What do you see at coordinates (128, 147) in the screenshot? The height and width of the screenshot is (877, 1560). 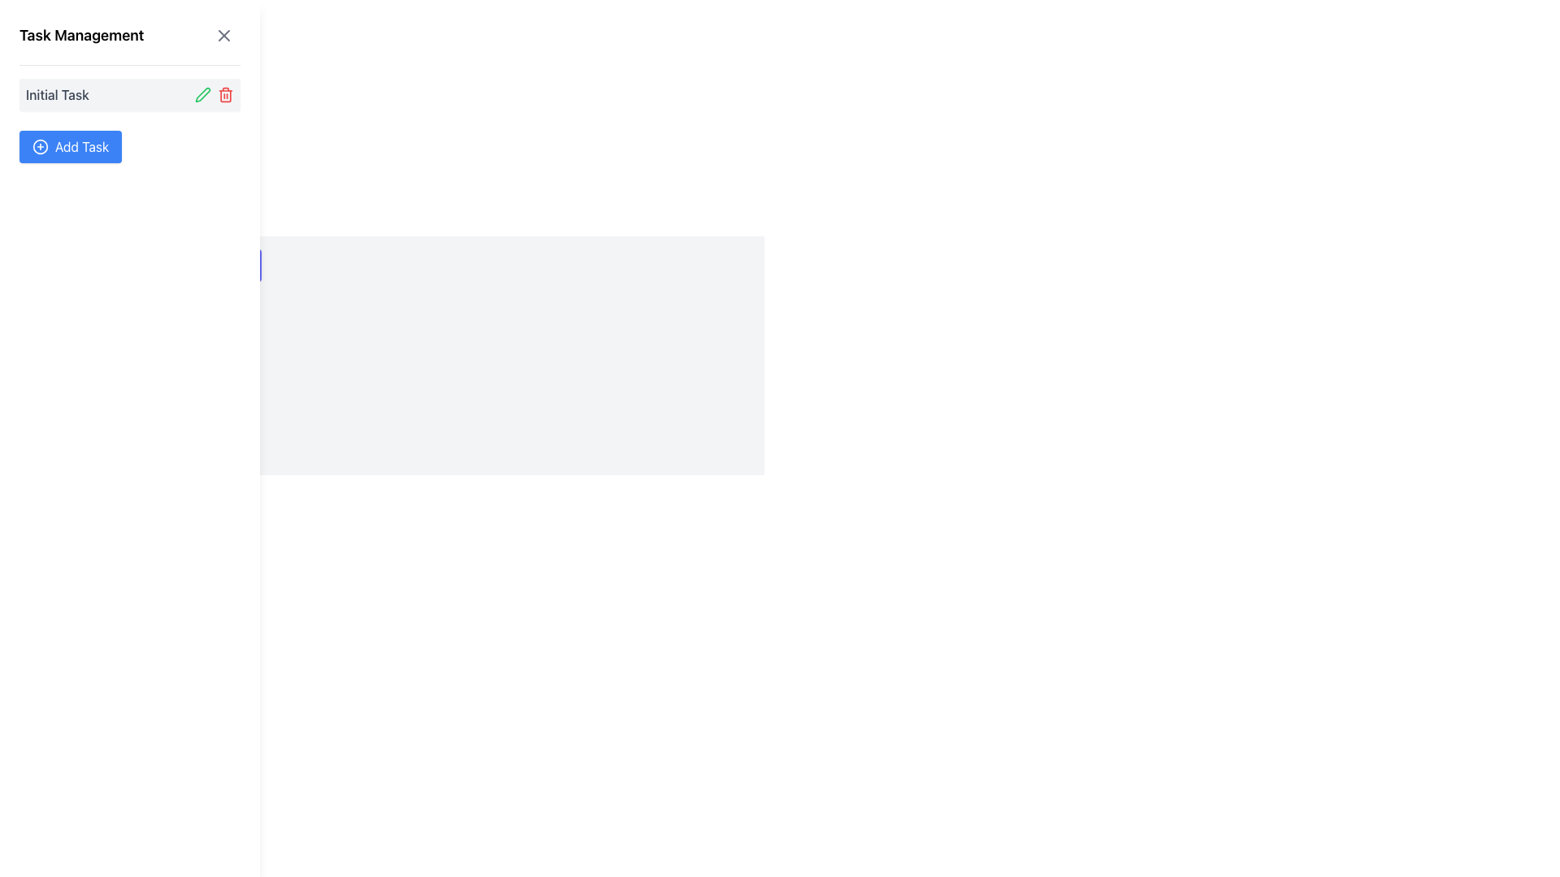 I see `the button located below the 'Initial Task' section in the left sidebar of the task management application` at bounding box center [128, 147].